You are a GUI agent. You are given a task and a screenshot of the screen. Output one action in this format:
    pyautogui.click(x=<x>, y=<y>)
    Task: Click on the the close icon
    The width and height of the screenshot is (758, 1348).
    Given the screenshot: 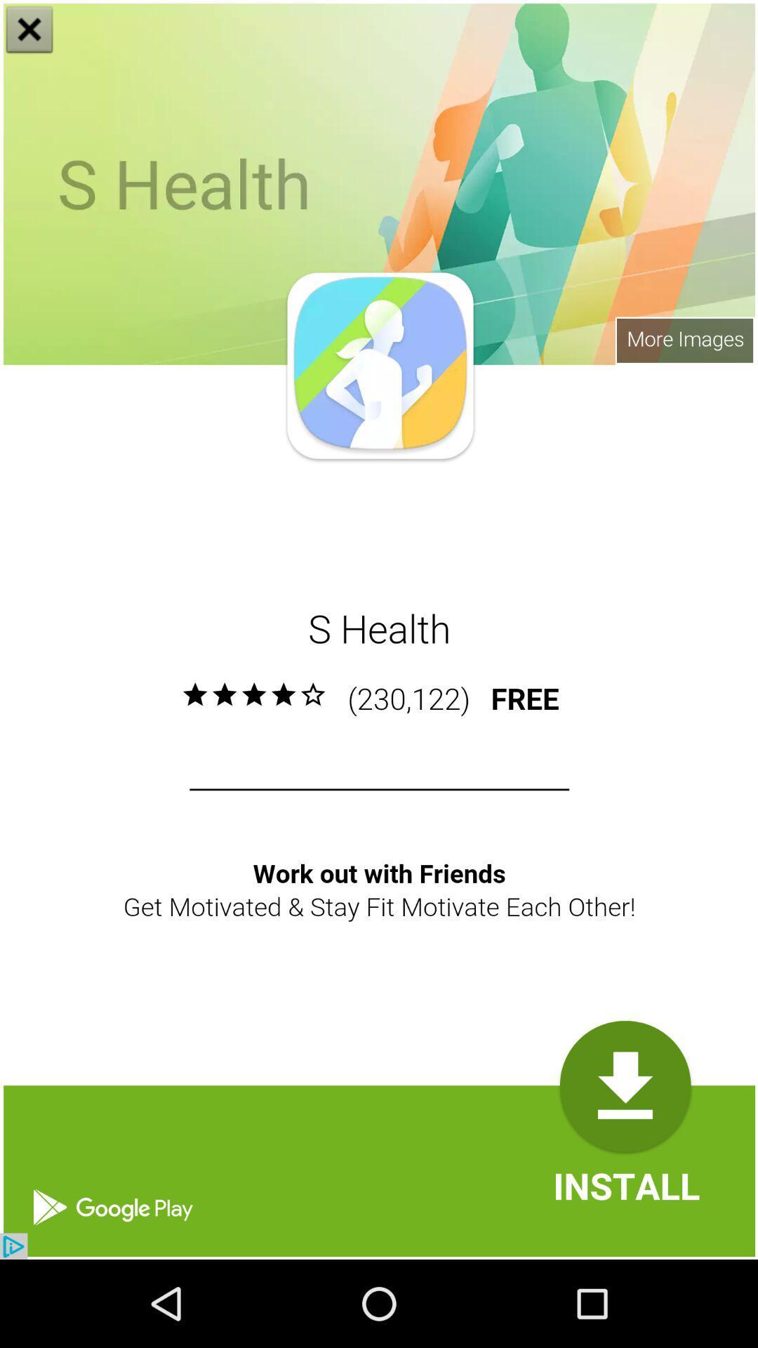 What is the action you would take?
    pyautogui.click(x=29, y=31)
    